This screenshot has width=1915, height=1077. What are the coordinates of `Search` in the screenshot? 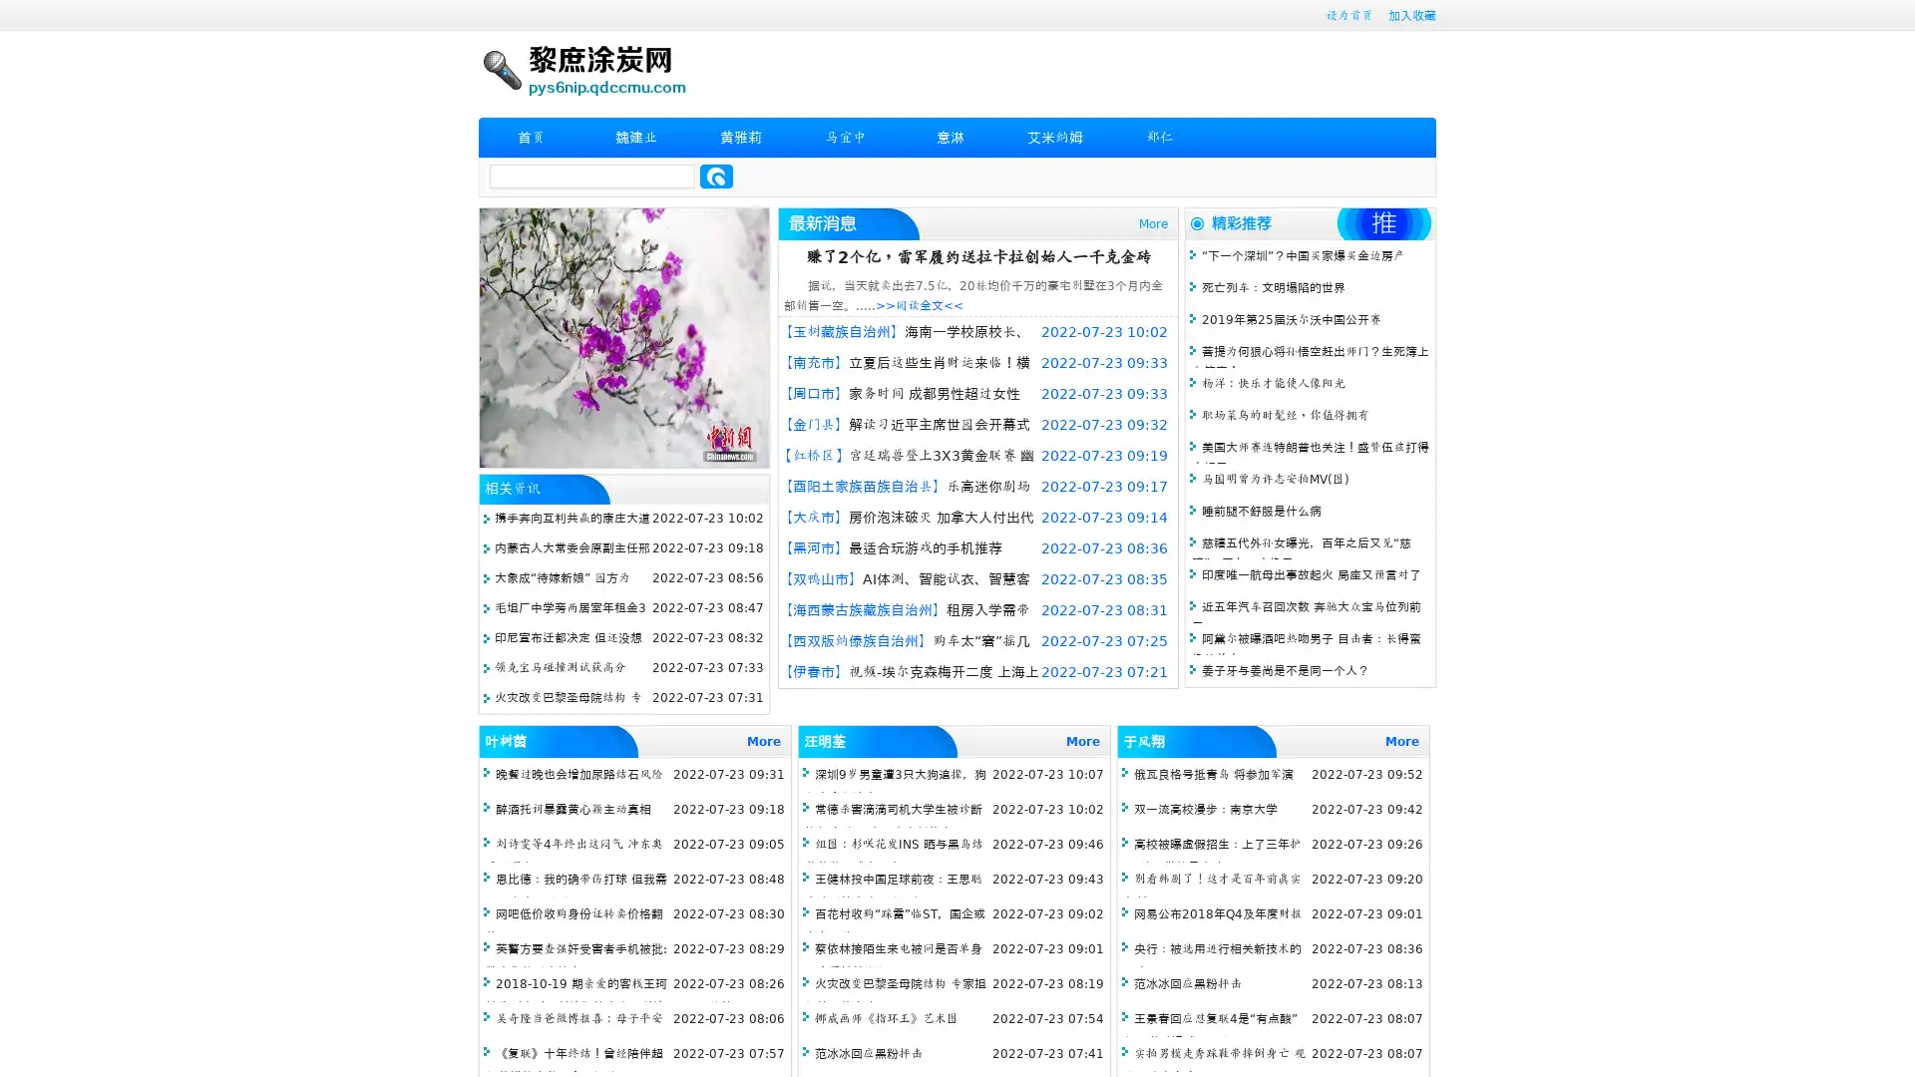 It's located at (716, 176).